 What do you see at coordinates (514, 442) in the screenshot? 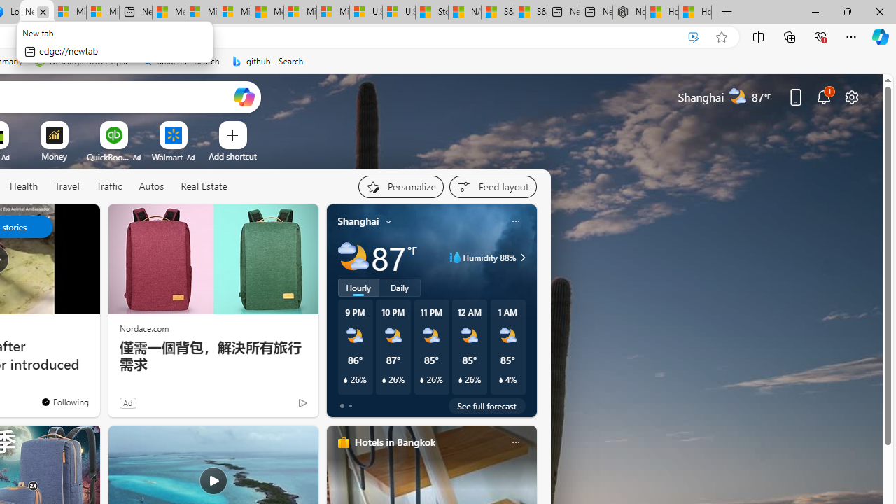
I see `'More options'` at bounding box center [514, 442].